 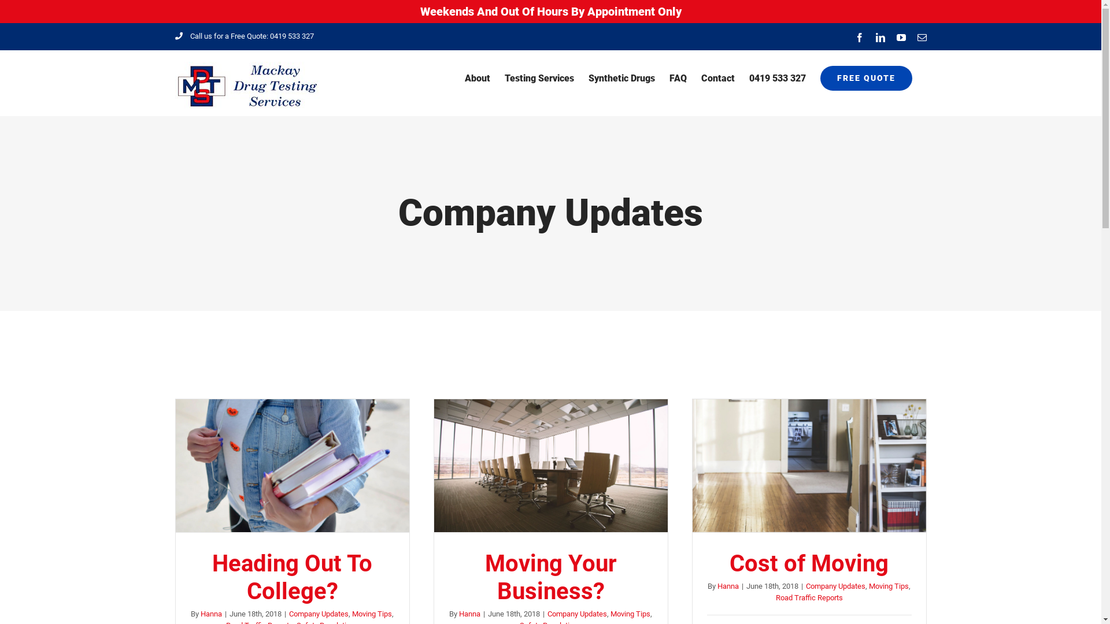 What do you see at coordinates (538, 78) in the screenshot?
I see `'Testing Services'` at bounding box center [538, 78].